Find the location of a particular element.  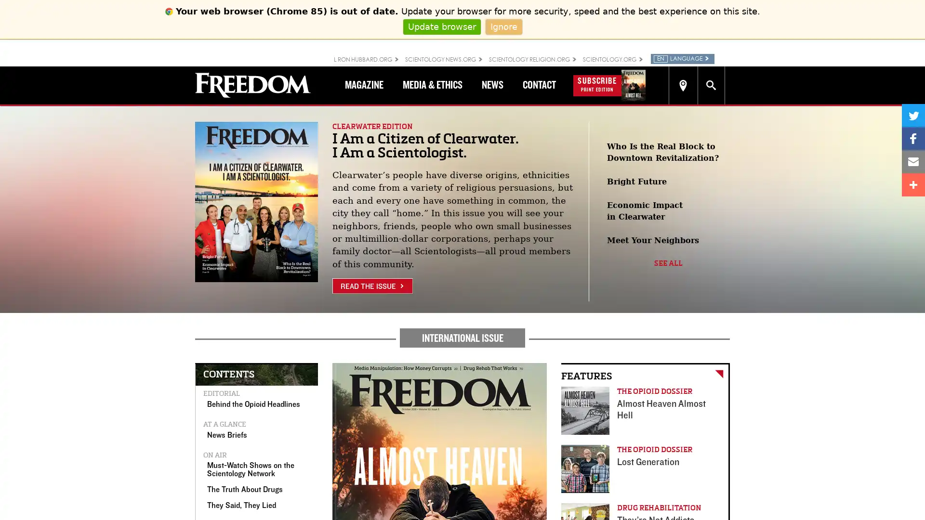

Ignore is located at coordinates (503, 26).